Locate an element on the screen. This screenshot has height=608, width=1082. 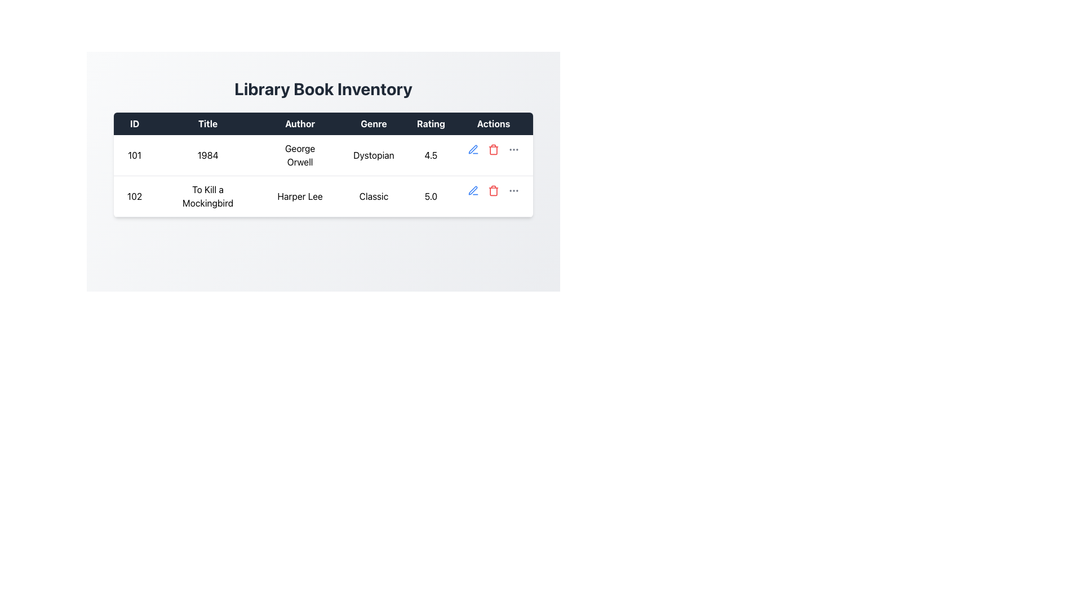
the text label displaying 'To Kill a Mockingbird' in the second row of the table under the 'Title' column is located at coordinates (208, 195).